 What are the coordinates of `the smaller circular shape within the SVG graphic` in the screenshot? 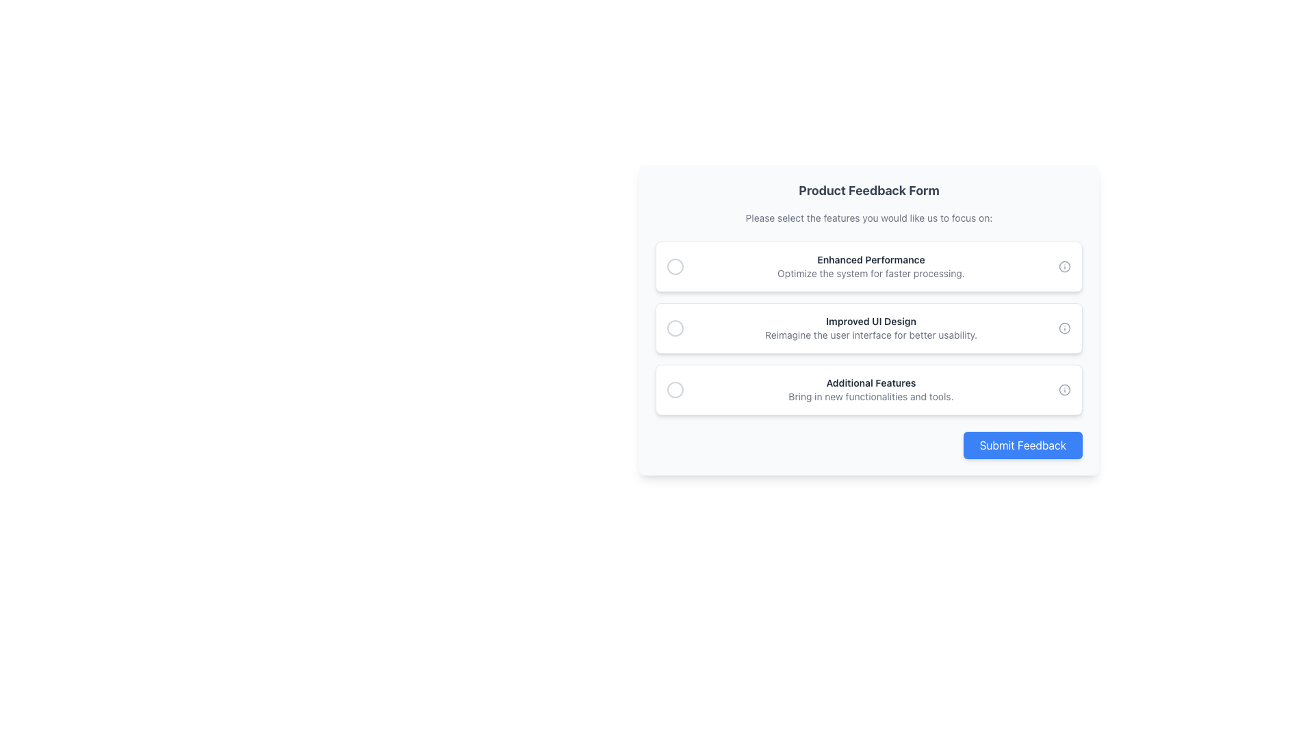 It's located at (1064, 266).